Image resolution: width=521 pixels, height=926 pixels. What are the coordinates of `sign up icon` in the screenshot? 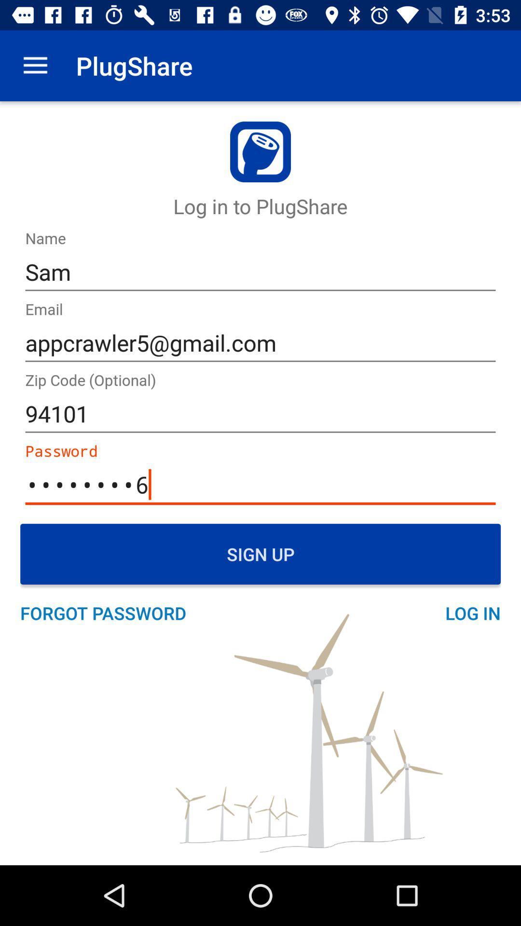 It's located at (260, 554).